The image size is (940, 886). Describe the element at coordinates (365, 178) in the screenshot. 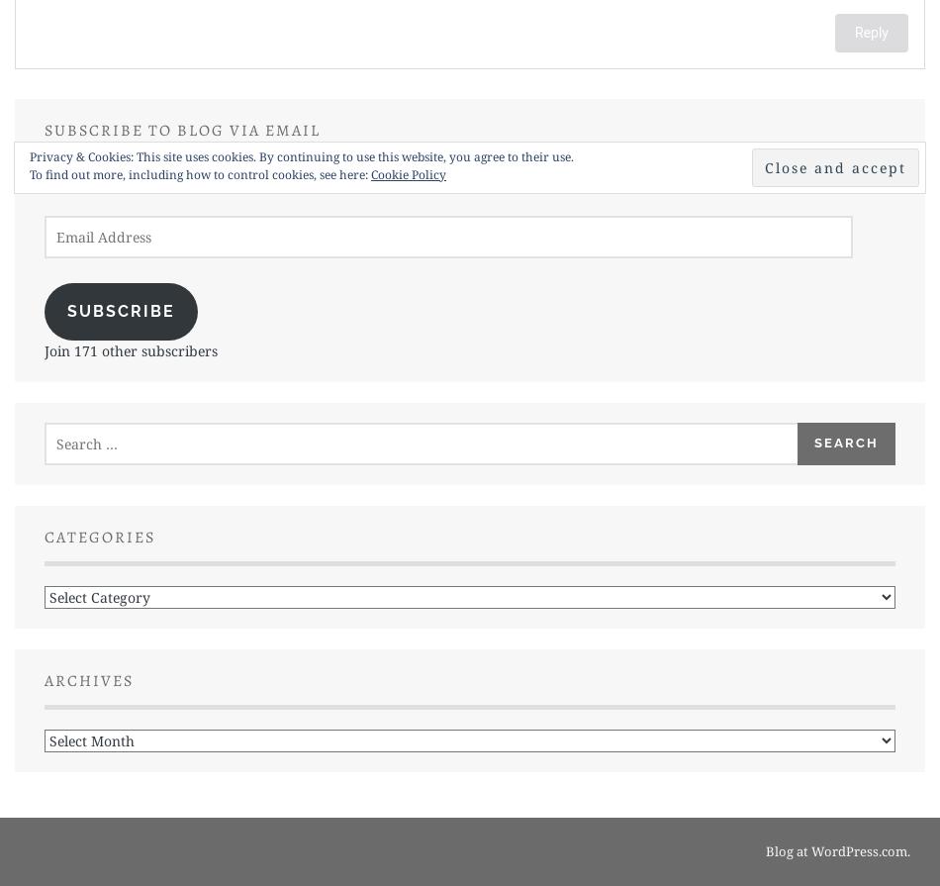

I see `'Enter your email address to subscribe to this blog and receive notifications of new posts by email.'` at that location.